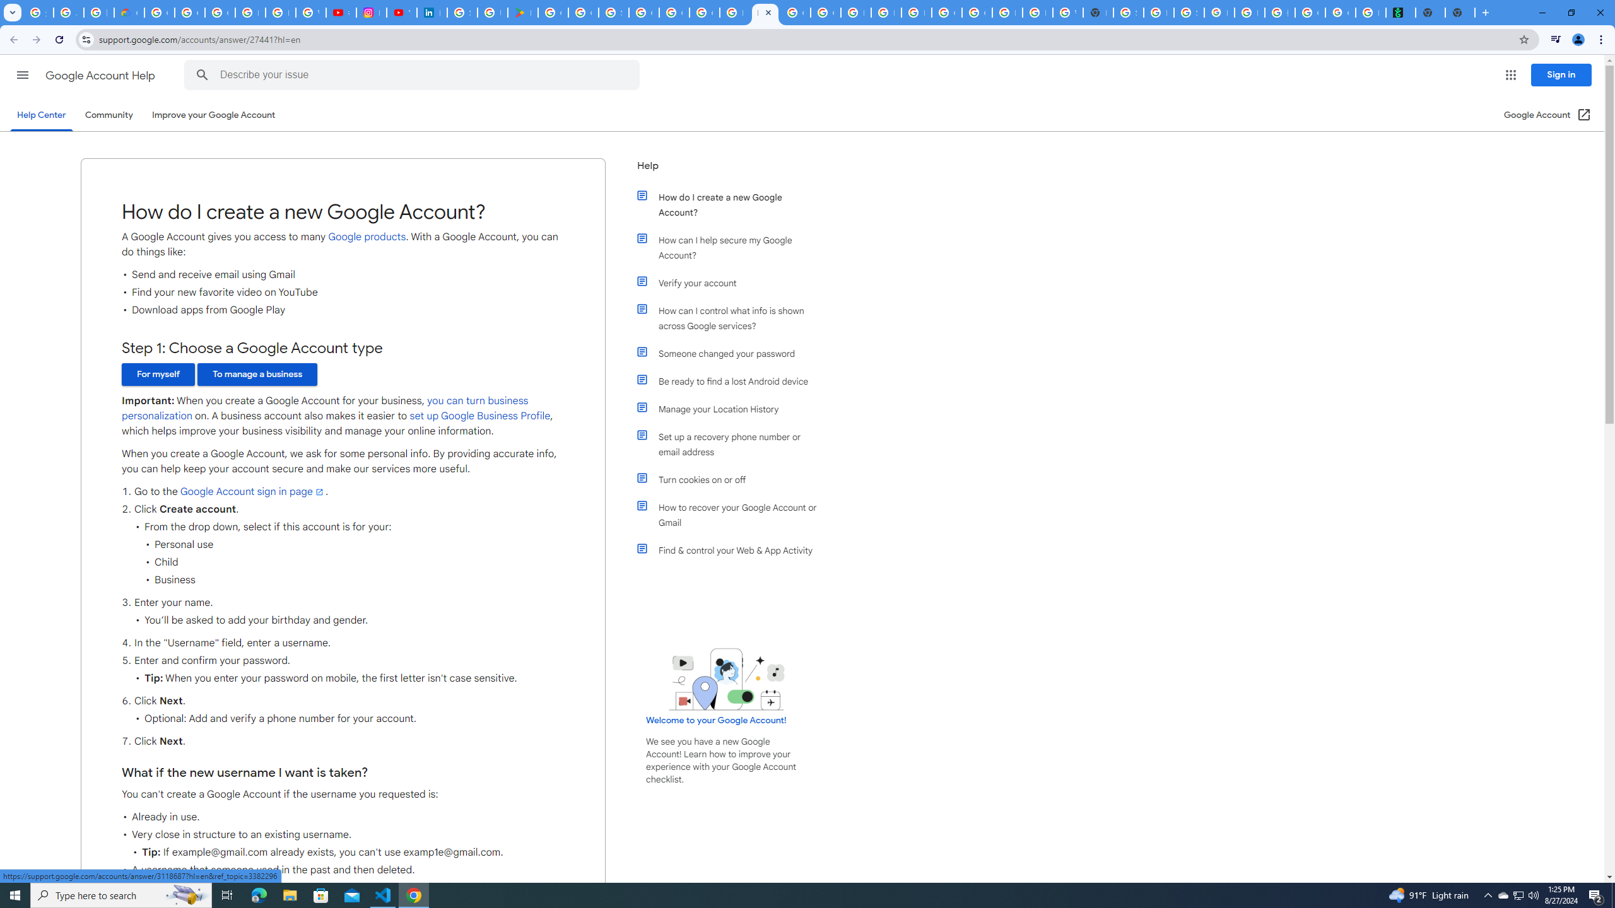 This screenshot has width=1615, height=908. What do you see at coordinates (1547, 114) in the screenshot?
I see `'Google Account (Open in a new window)'` at bounding box center [1547, 114].